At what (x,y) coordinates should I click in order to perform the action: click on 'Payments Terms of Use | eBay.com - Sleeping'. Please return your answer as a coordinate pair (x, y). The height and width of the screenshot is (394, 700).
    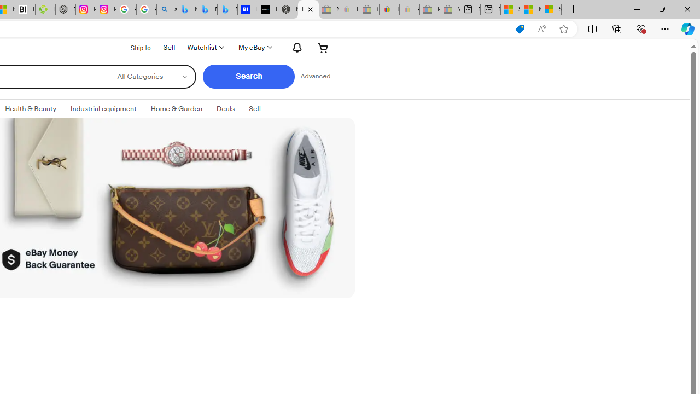
    Looking at the image, I should click on (409, 9).